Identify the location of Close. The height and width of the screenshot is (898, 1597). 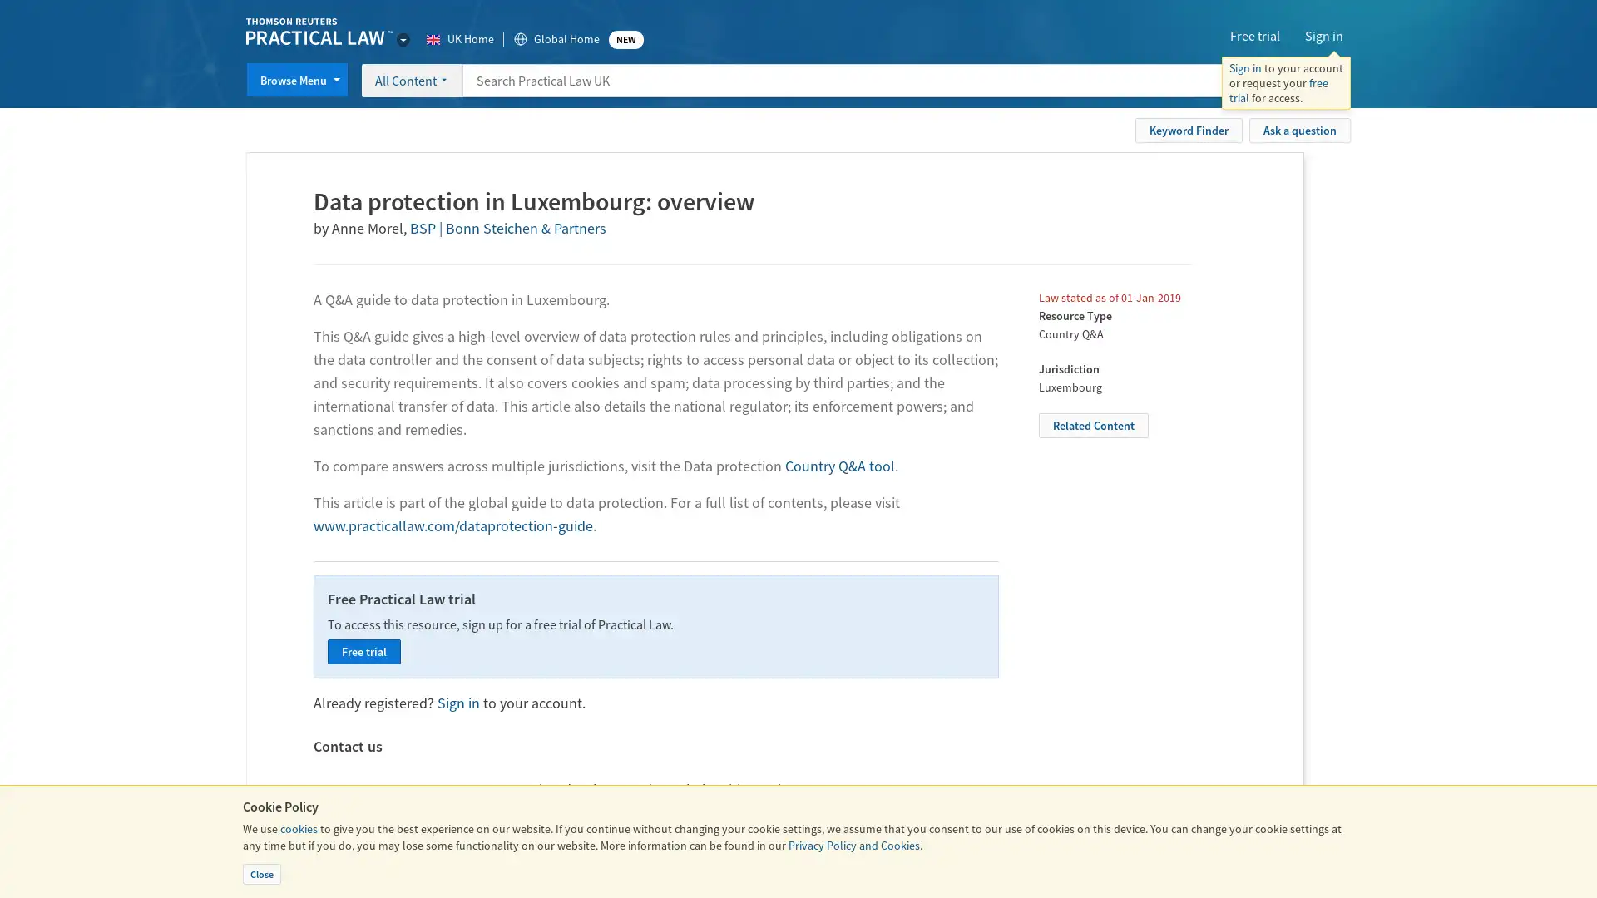
(261, 873).